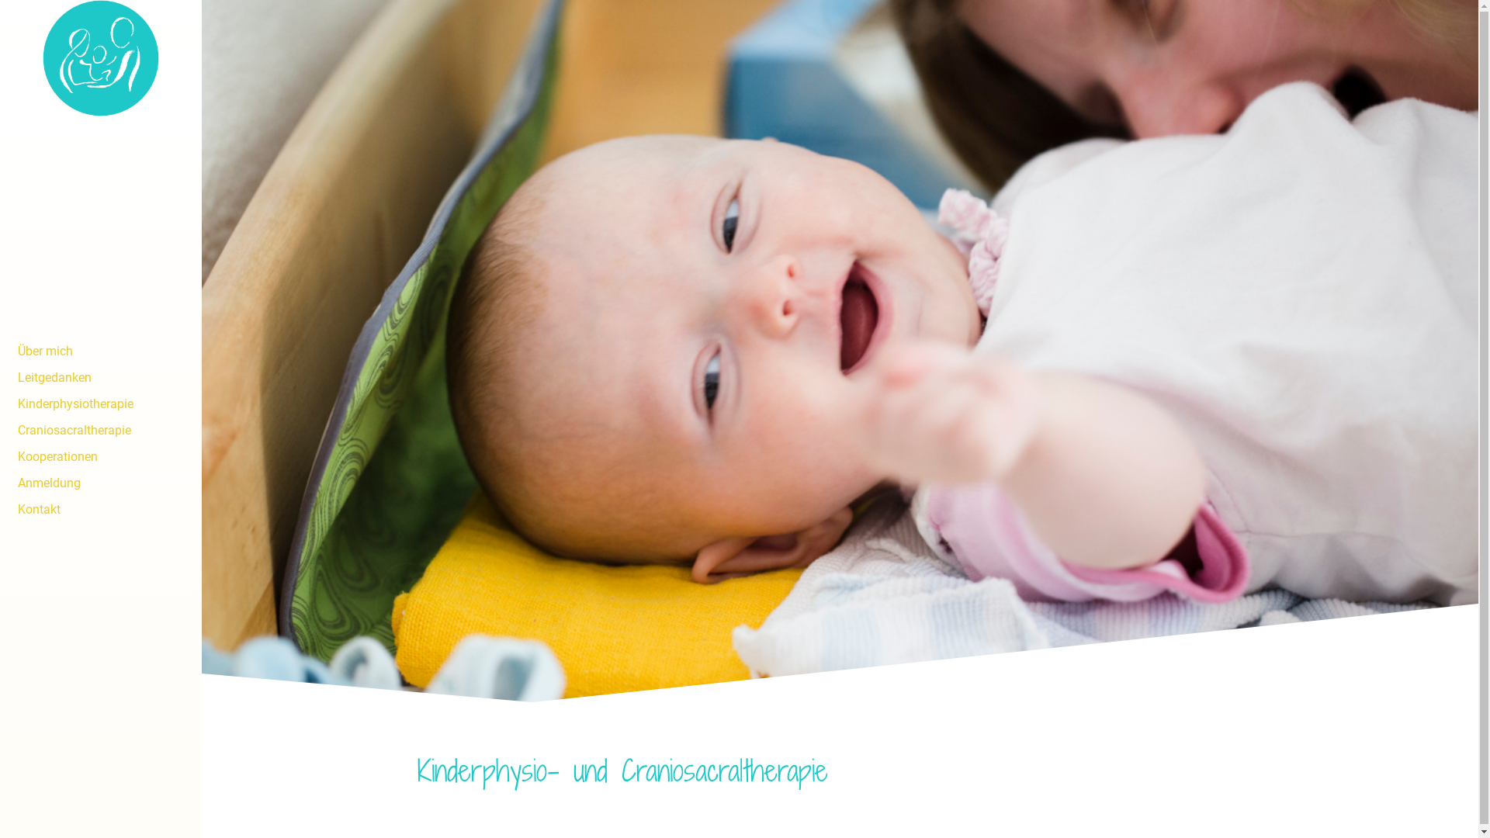  Describe the element at coordinates (99, 403) in the screenshot. I see `'Kinderphysiotherapie'` at that location.